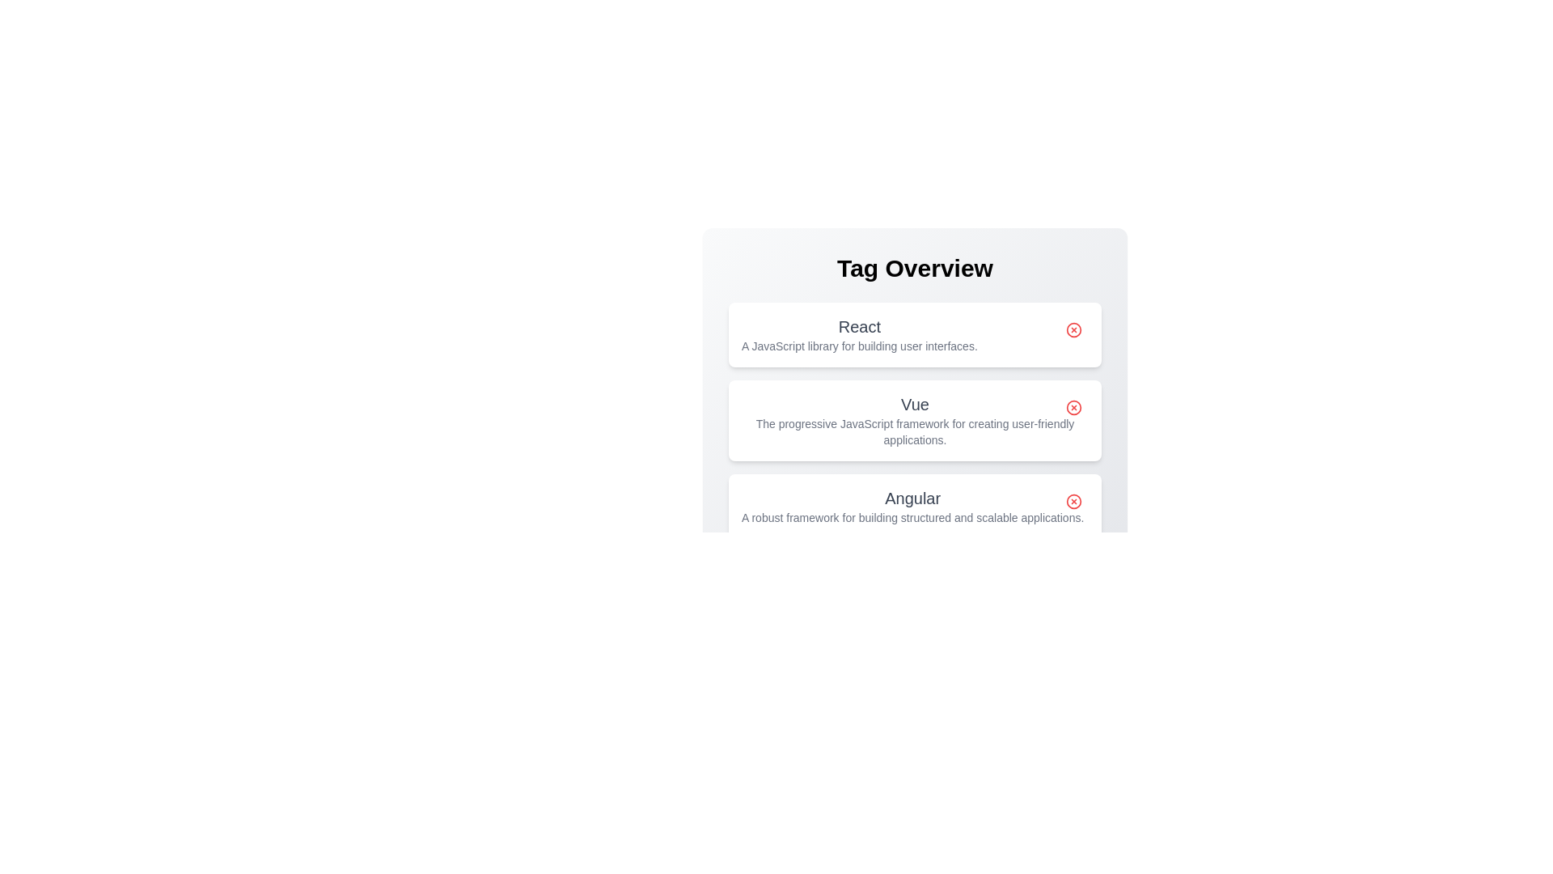 This screenshot has height=874, width=1553. Describe the element at coordinates (858, 333) in the screenshot. I see `the tag React to highlight it` at that location.